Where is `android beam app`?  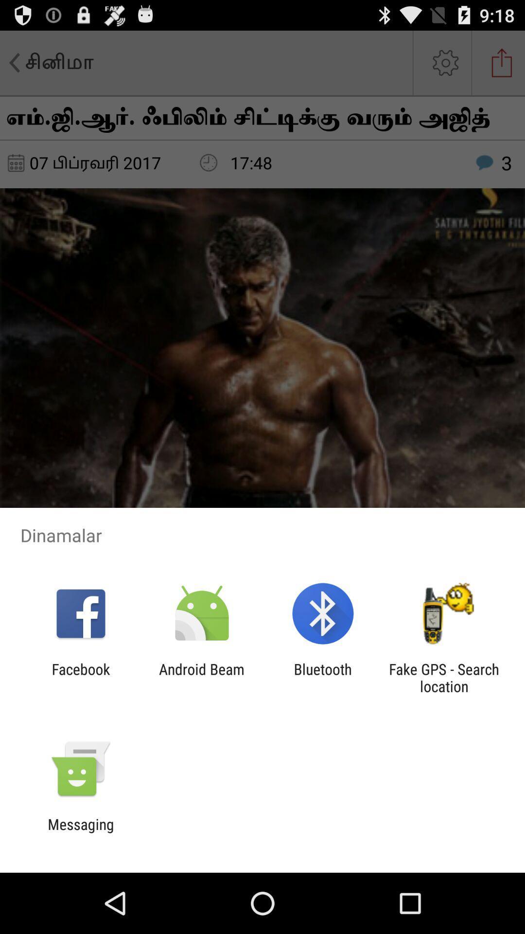 android beam app is located at coordinates (201, 677).